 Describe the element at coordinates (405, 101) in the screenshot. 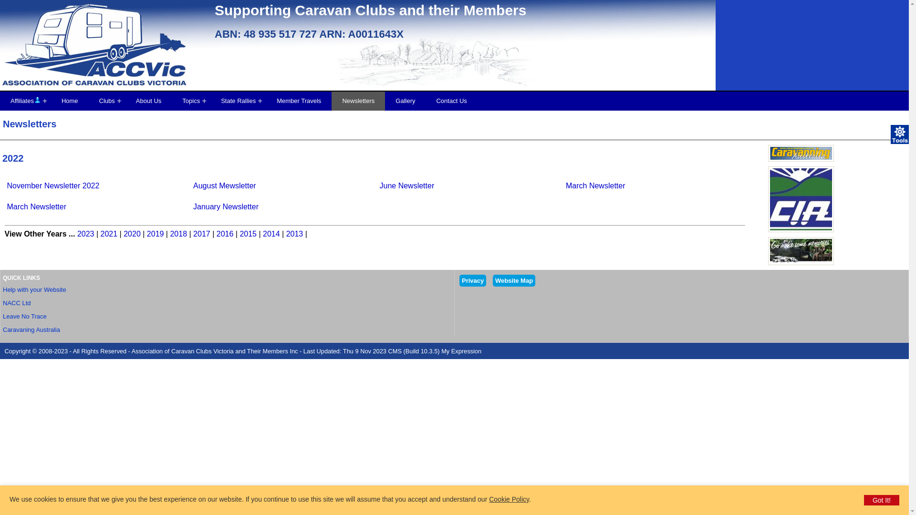

I see `'Gallery'` at that location.